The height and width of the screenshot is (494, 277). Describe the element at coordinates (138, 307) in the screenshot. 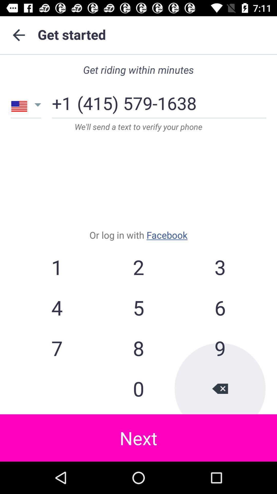

I see `the 5 icon` at that location.